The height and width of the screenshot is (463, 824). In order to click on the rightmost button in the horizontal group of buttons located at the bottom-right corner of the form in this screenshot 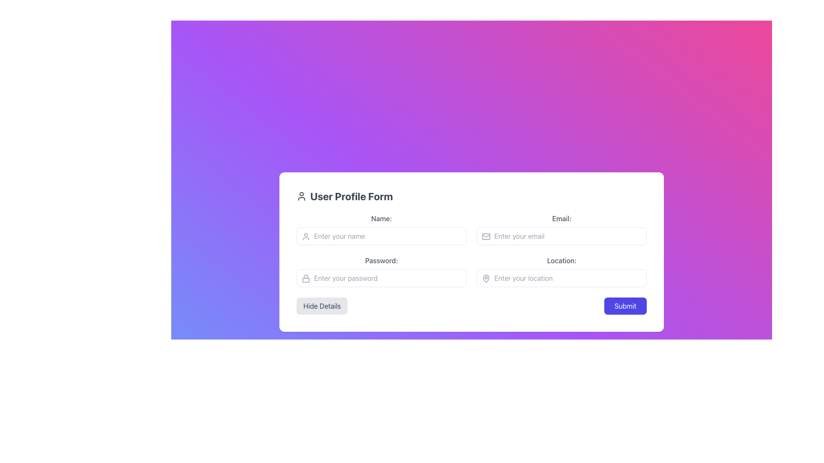, I will do `click(625, 305)`.